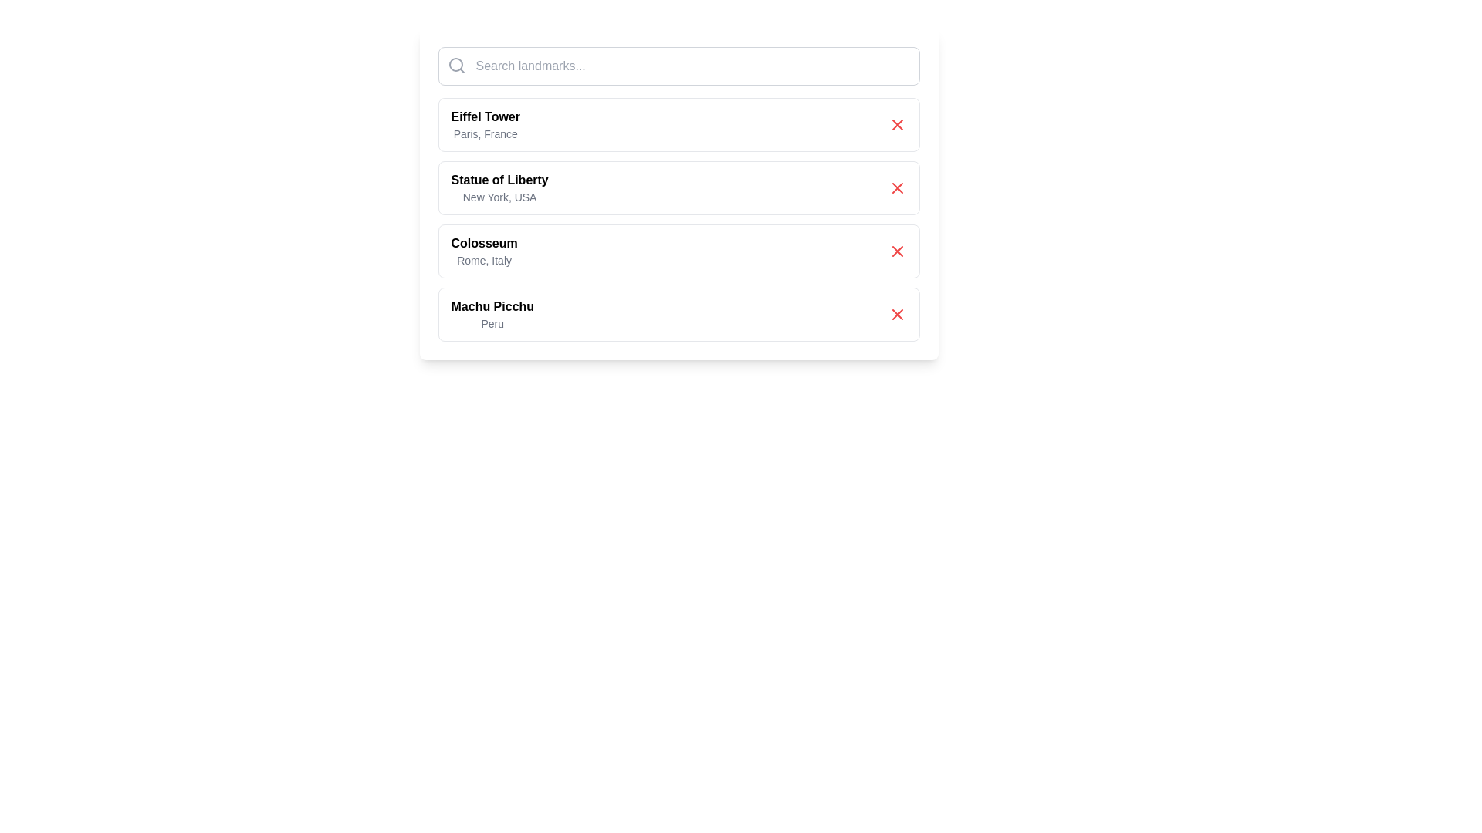 This screenshot has width=1482, height=833. I want to click on the decorative graphic that represents the lens of the magnifying glass, located at the center of the search icon on the left side of the search input area, so click(455, 64).